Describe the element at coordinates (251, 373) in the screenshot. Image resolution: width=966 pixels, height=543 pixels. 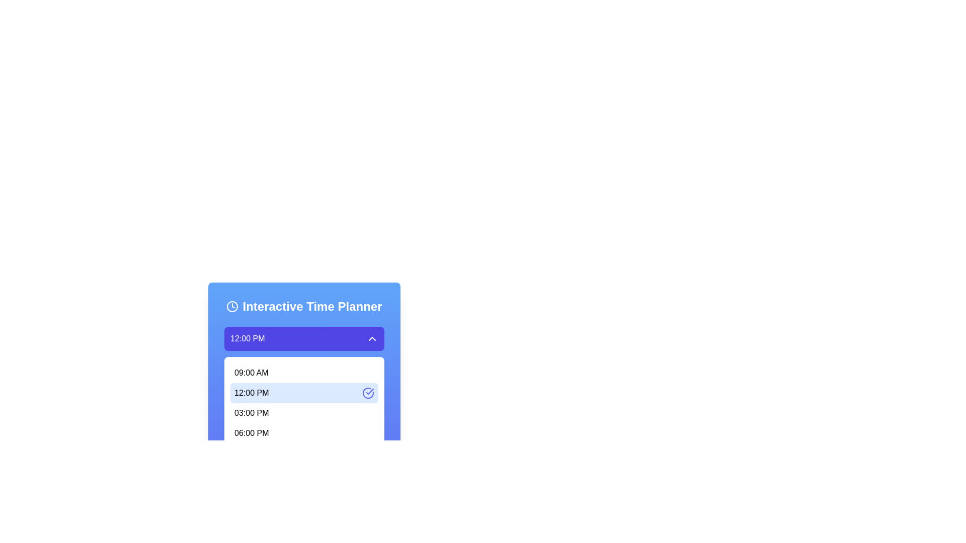
I see `the first text label option in the dropdown menu` at that location.